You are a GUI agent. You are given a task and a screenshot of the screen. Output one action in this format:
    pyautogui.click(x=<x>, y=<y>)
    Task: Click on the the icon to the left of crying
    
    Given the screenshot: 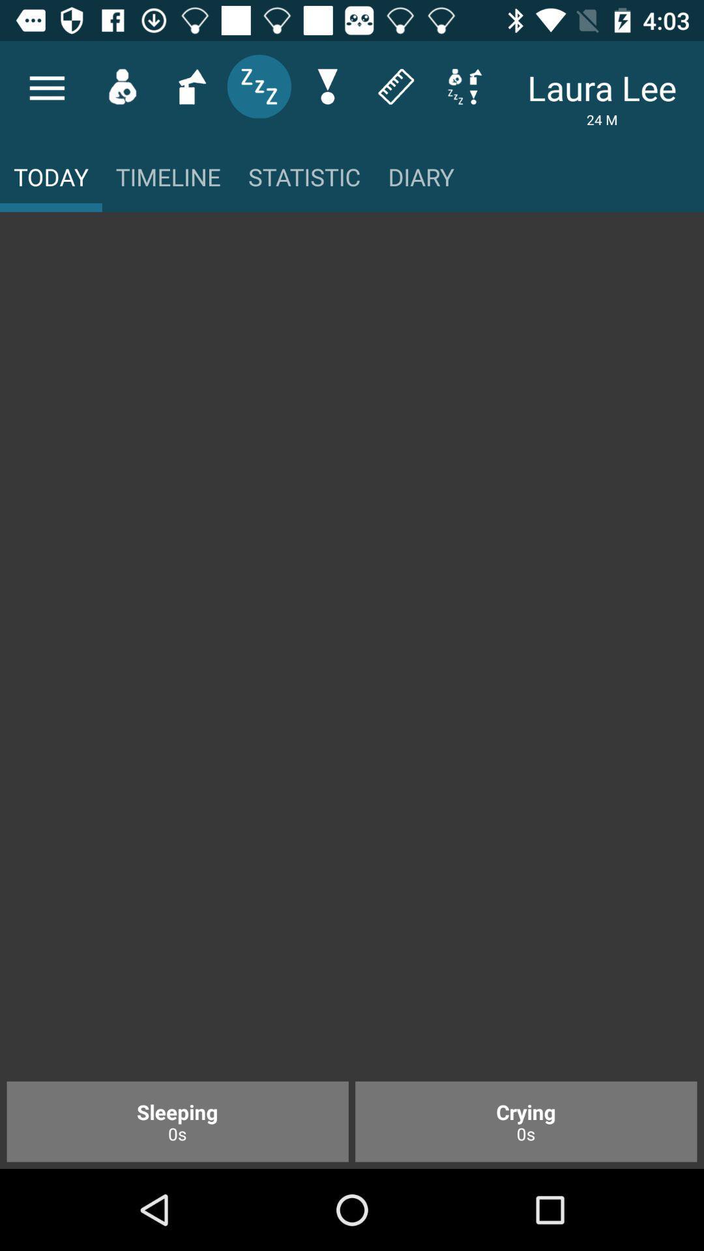 What is the action you would take?
    pyautogui.click(x=177, y=1121)
    